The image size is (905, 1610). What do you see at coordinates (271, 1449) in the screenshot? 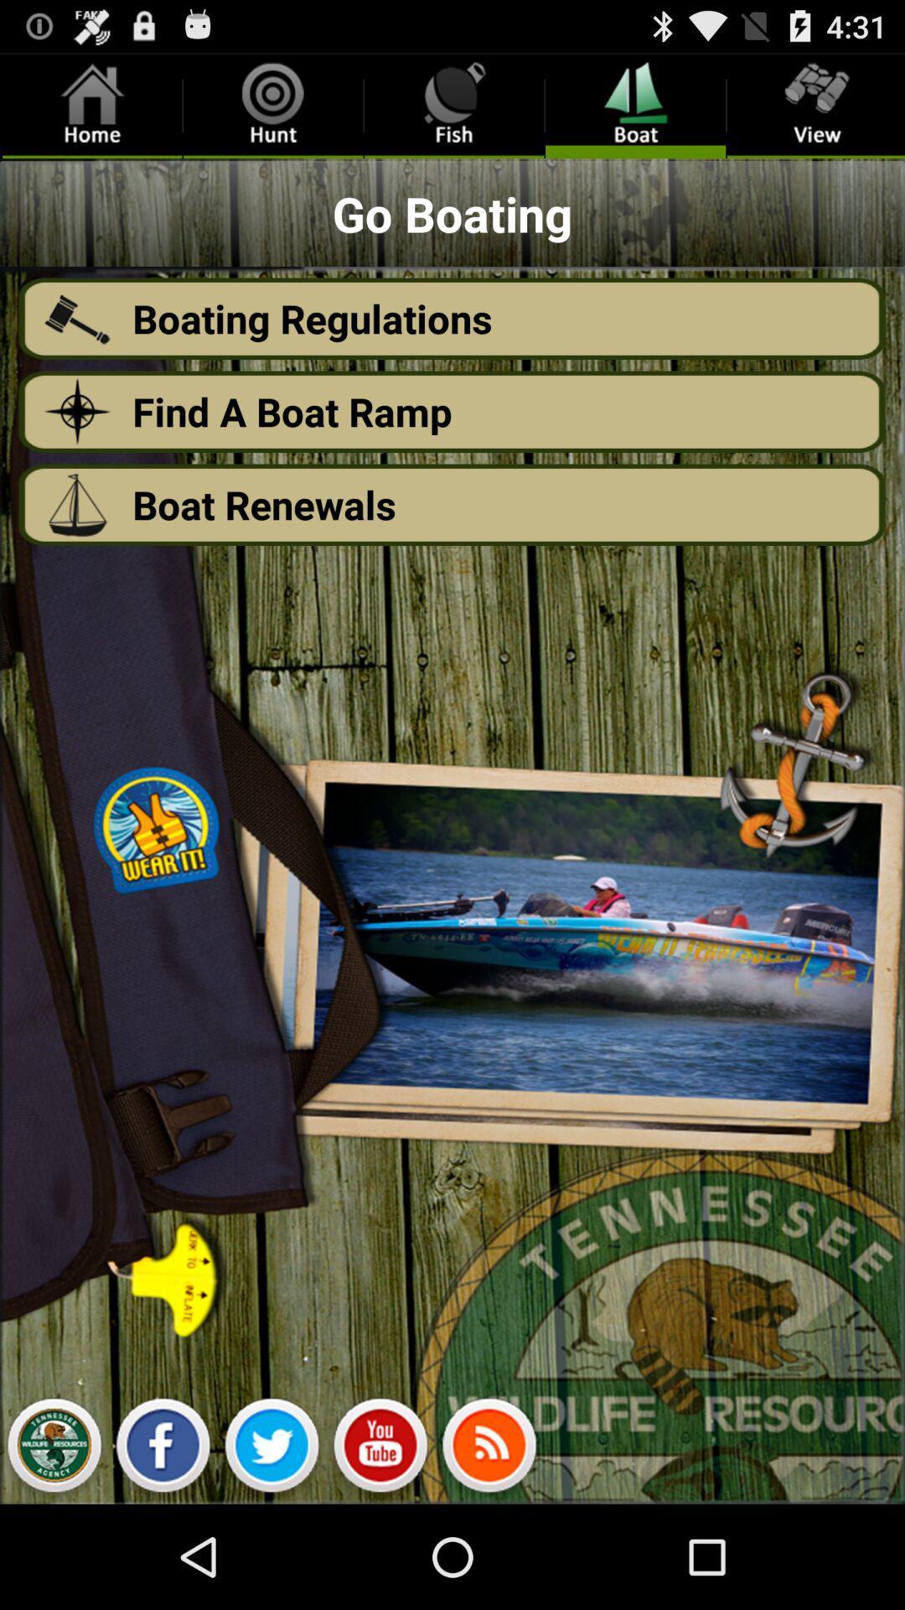
I see `twitter link` at bounding box center [271, 1449].